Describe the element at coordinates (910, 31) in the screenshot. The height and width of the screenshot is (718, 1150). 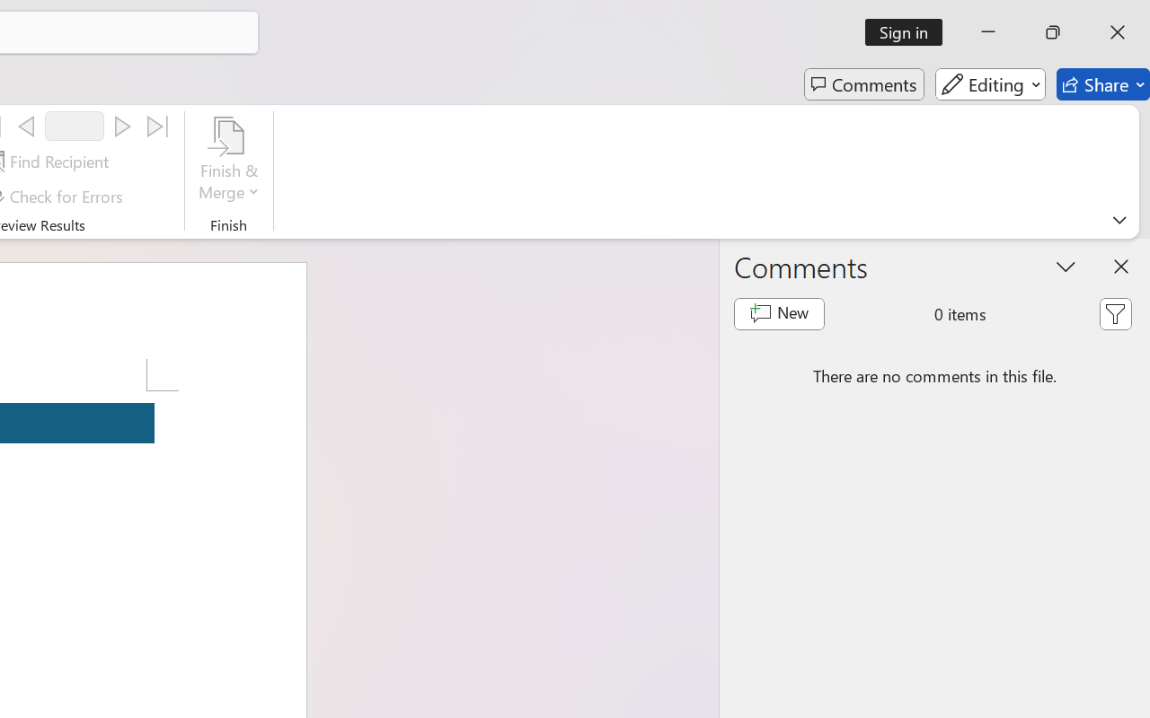
I see `'Sign in'` at that location.